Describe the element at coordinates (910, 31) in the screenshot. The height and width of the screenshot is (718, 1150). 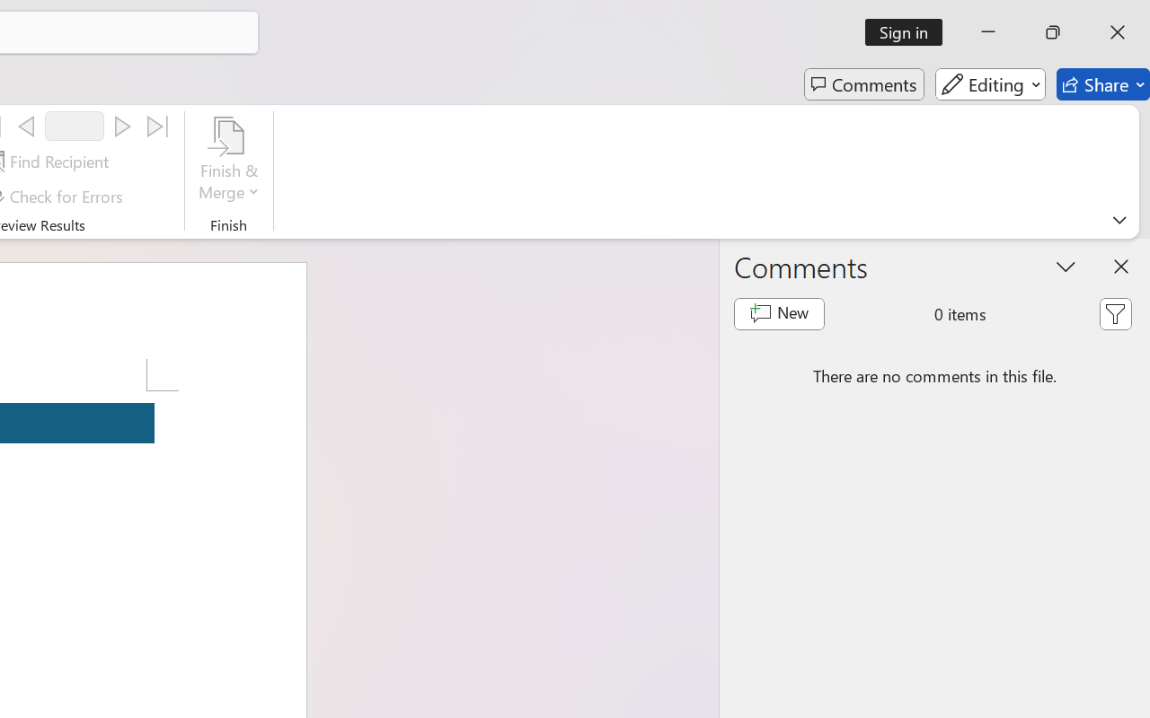
I see `'Sign in'` at that location.